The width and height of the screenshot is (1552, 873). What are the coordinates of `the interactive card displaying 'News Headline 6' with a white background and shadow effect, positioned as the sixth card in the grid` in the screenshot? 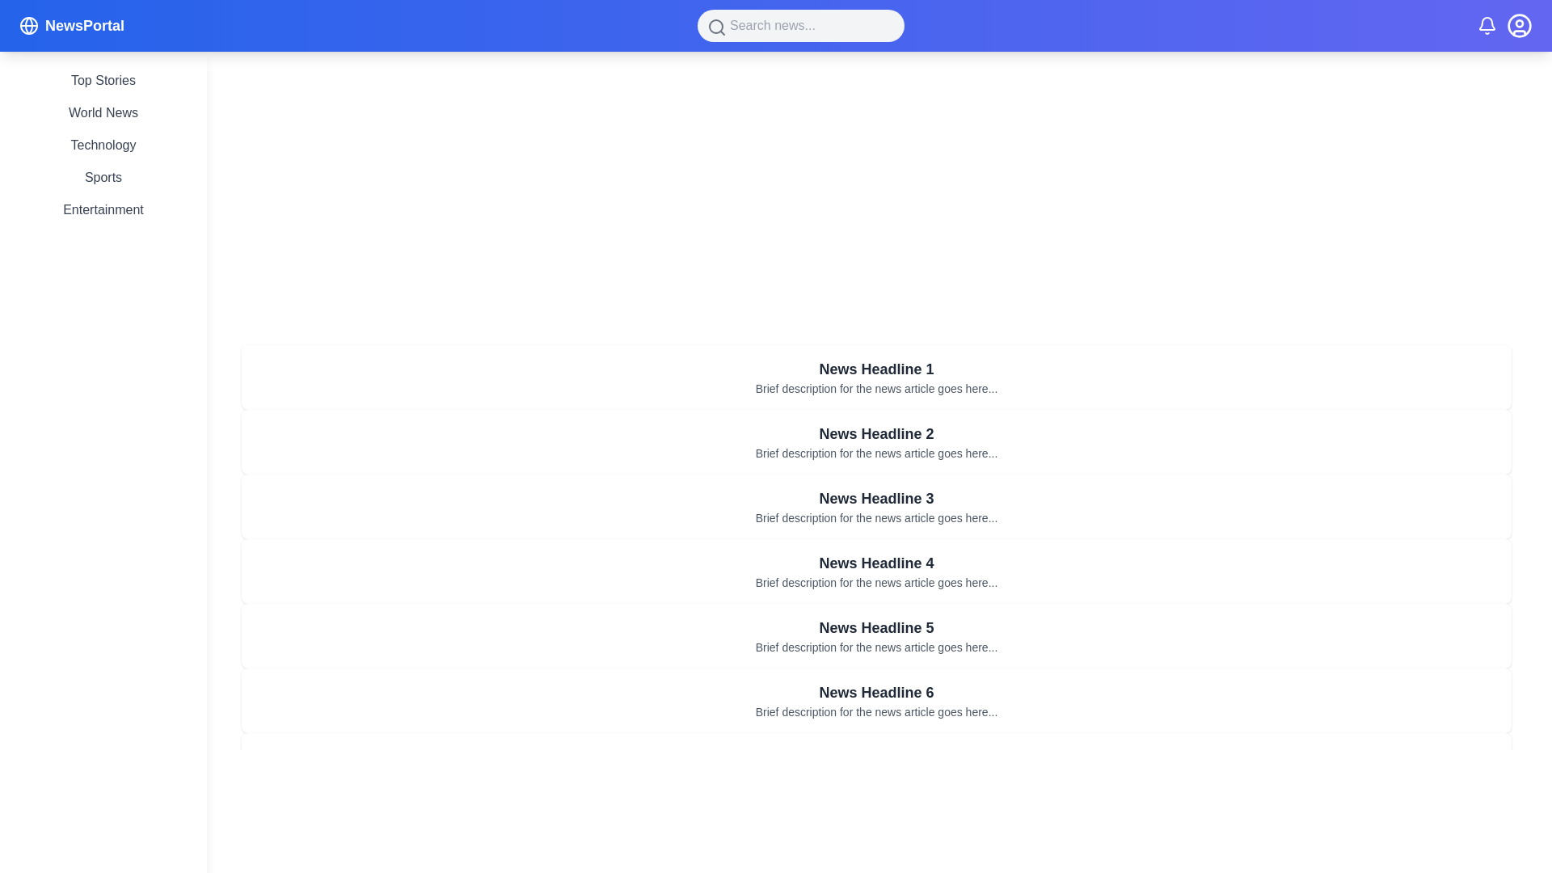 It's located at (875, 700).